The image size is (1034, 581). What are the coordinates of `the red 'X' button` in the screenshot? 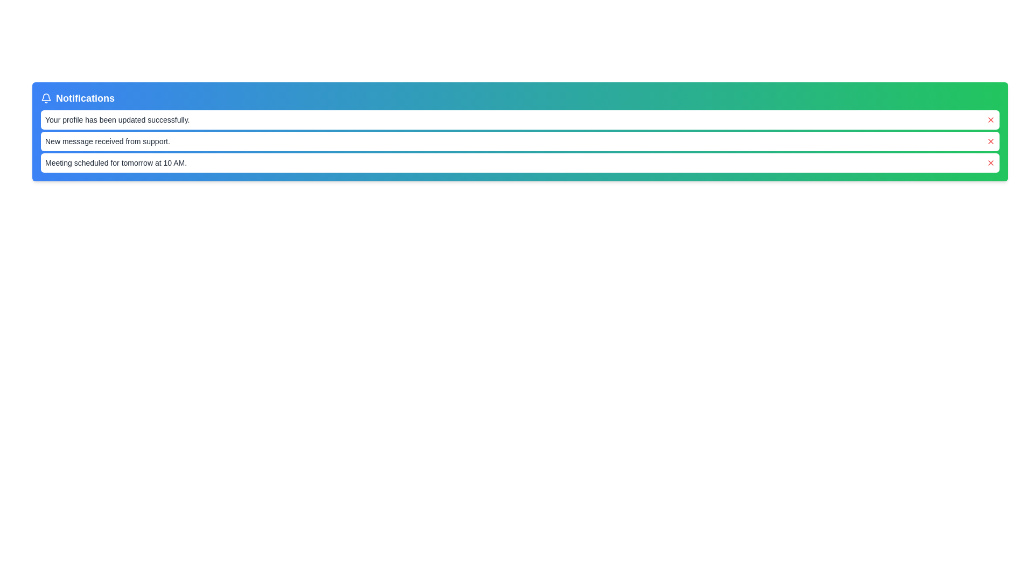 It's located at (990, 140).